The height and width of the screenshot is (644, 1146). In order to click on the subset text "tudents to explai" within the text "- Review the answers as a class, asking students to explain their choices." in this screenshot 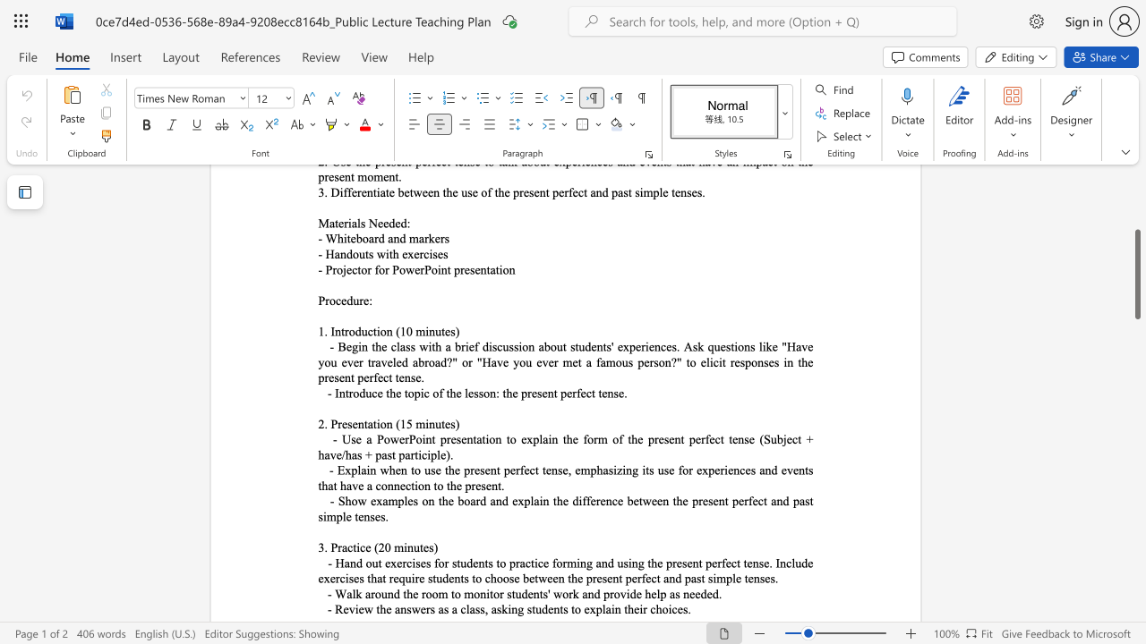, I will do `click(531, 608)`.